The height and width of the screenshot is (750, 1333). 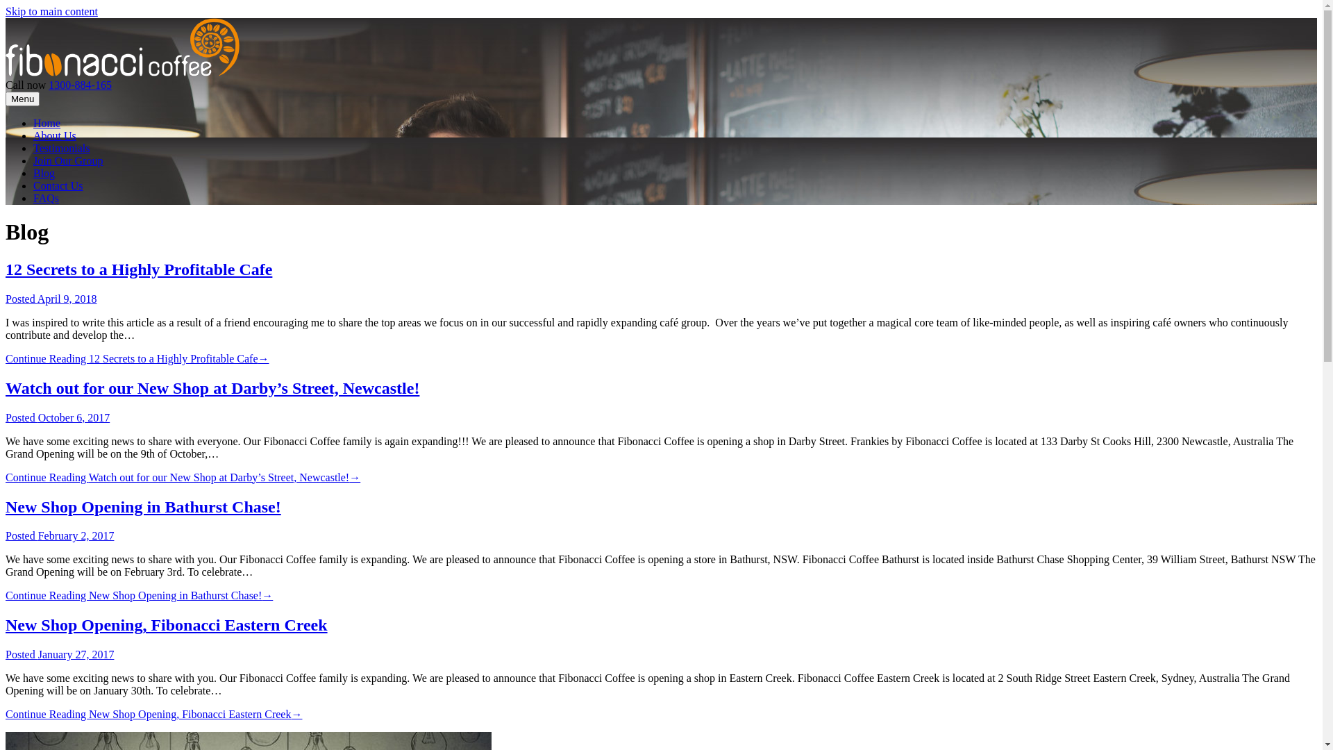 What do you see at coordinates (79, 85) in the screenshot?
I see `'1300-884-165'` at bounding box center [79, 85].